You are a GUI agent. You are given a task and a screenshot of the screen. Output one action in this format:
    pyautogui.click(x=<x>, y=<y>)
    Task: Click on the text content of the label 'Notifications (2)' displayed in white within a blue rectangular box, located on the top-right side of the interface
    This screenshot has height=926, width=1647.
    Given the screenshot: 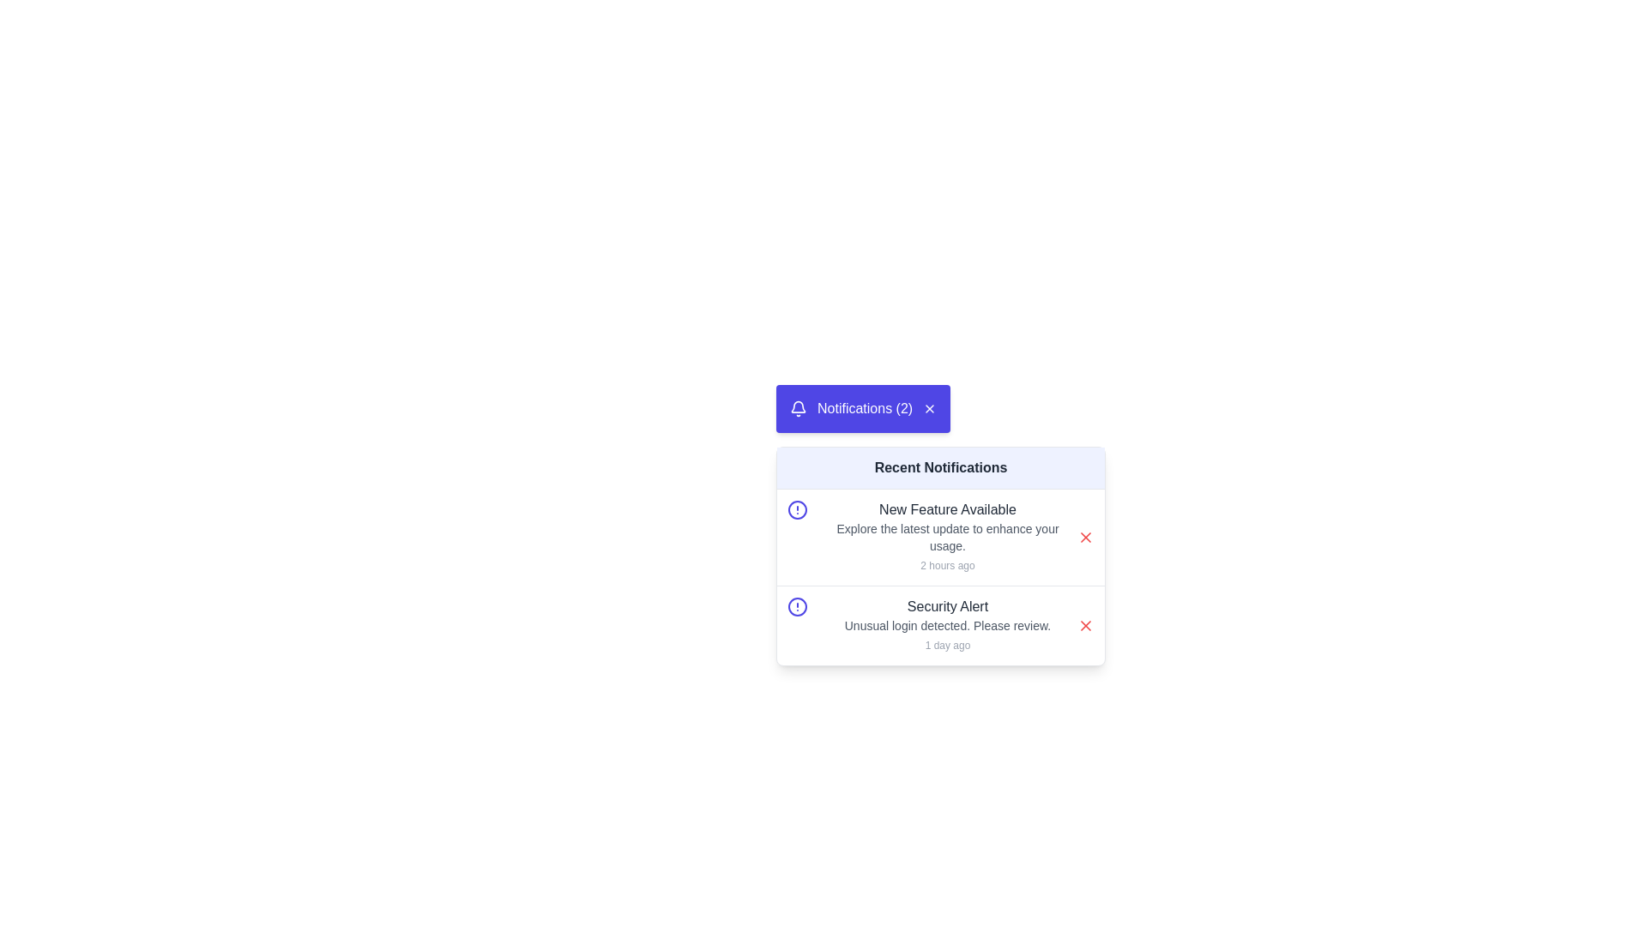 What is the action you would take?
    pyautogui.click(x=865, y=409)
    